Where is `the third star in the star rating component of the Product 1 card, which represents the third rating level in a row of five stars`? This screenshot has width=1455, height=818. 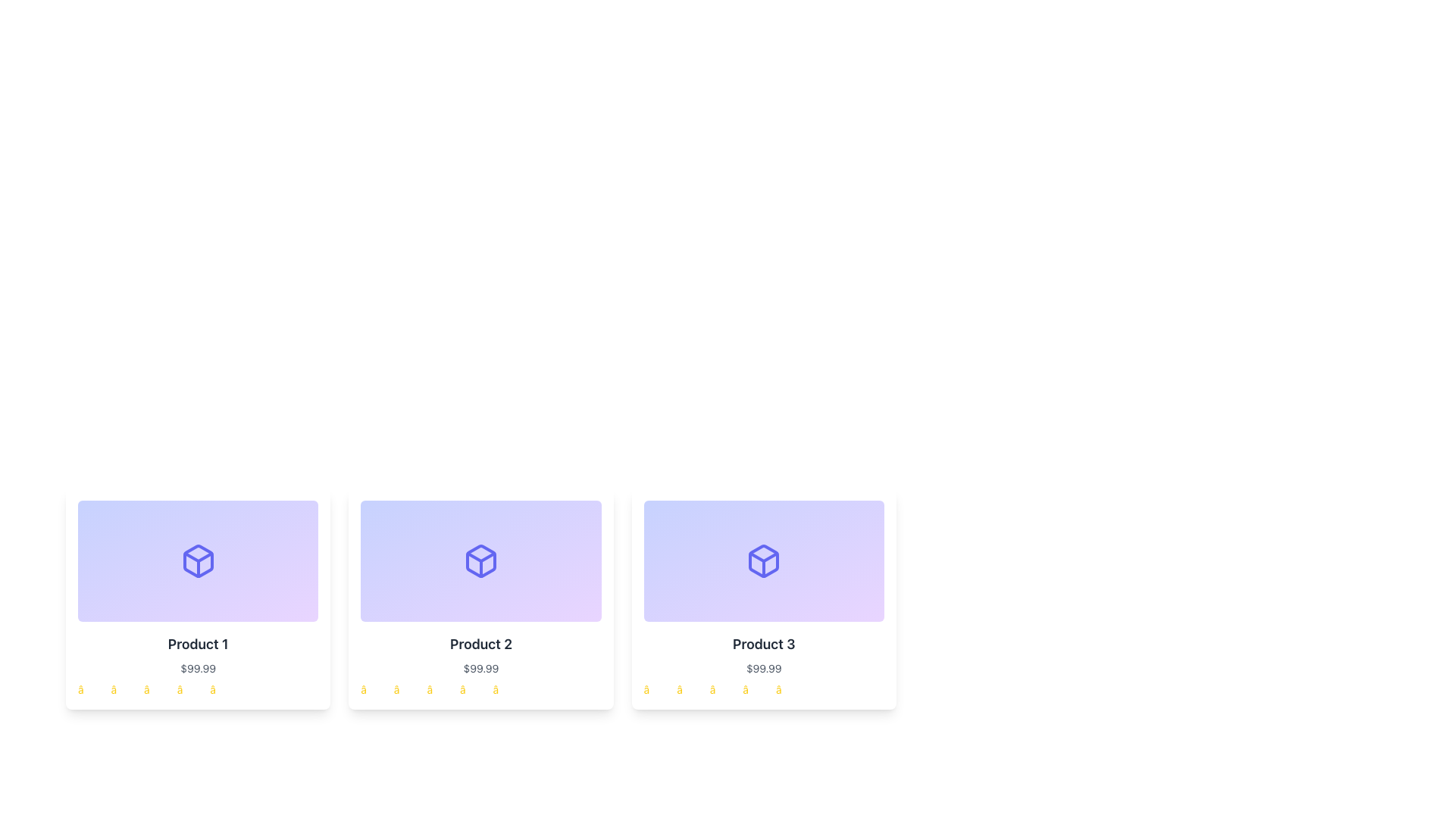 the third star in the star rating component of the Product 1 card, which represents the third rating level in a row of five stars is located at coordinates (157, 689).